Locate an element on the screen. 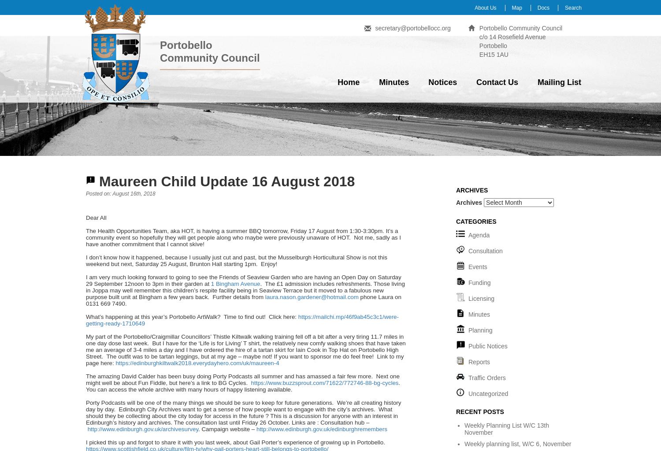 The image size is (661, 451). 'My part of the Portobello/Craigmillar Councillors’ Thistle Kiltwalk walking training fell off a bit after a very tiring 11.7 miles in one day dose last week.  But I have for the ‘Life is for Living’  T shirt, the relatively new comfy walking shoes that have taken me an average of 3-4 miles a day and I have ordered the hire of a tartan skirt for Iain Cook in Top Hat on Portobello High Street.  The outfit was to be tartan leggings, but at my age – maybe  not! If you want to sponsor me do feel free!  Link to my page here:' is located at coordinates (245, 350).